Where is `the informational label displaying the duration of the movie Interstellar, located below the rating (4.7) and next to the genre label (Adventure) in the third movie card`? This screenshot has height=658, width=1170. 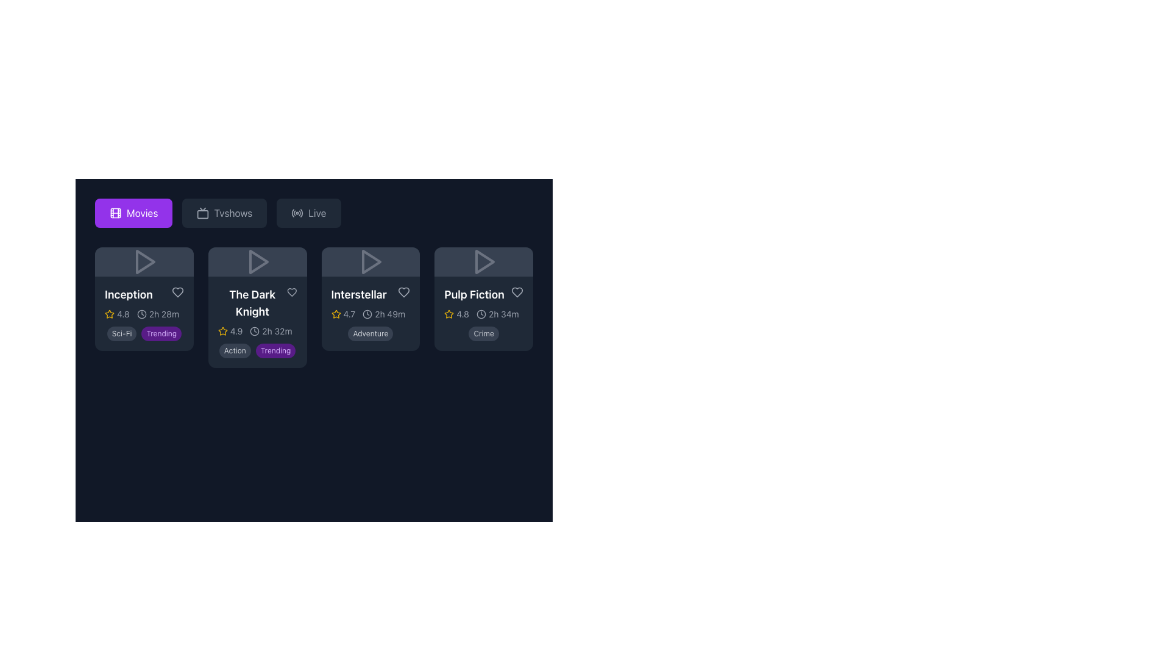 the informational label displaying the duration of the movie Interstellar, located below the rating (4.7) and next to the genre label (Adventure) in the third movie card is located at coordinates (383, 314).